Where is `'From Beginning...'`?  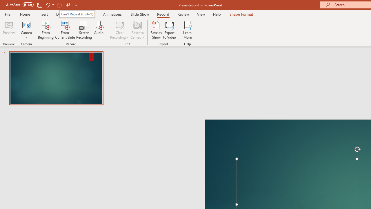 'From Beginning...' is located at coordinates (46, 30).